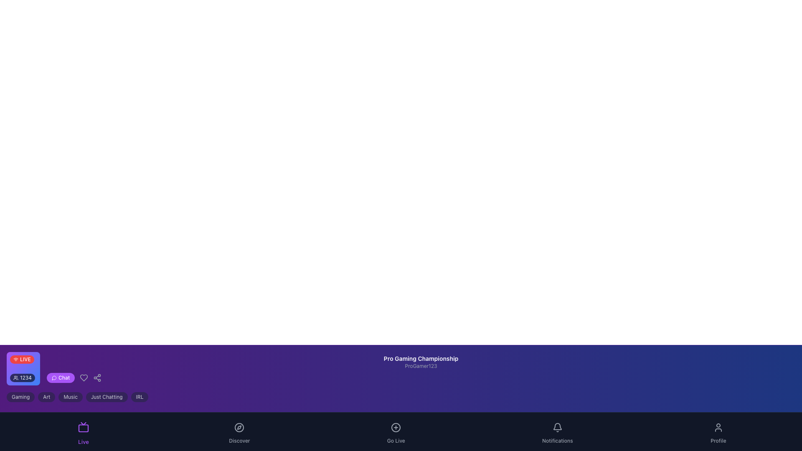 The height and width of the screenshot is (451, 802). I want to click on the 'Art' category button, which is the second button in a horizontal row of category buttons, to filter content related to the 'Art' category, so click(46, 397).